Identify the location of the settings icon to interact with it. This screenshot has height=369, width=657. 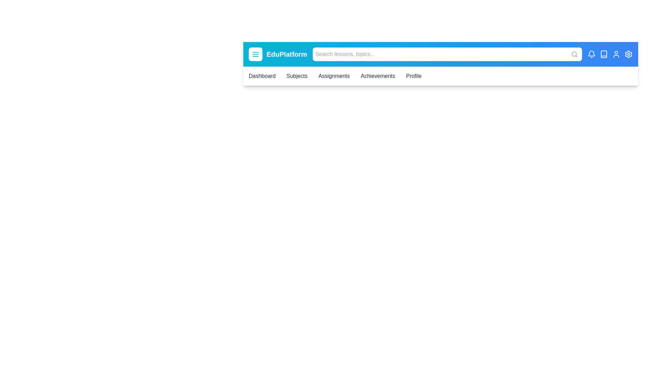
(629, 54).